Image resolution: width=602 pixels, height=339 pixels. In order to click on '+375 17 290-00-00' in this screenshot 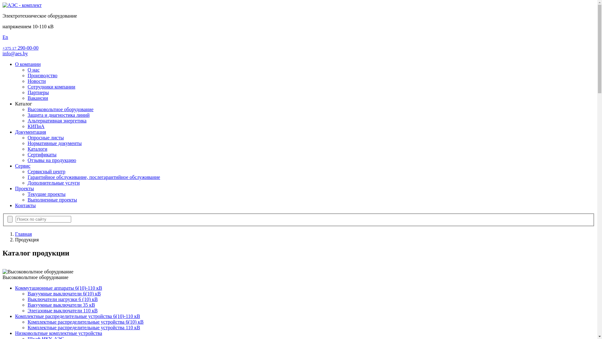, I will do `click(20, 47)`.